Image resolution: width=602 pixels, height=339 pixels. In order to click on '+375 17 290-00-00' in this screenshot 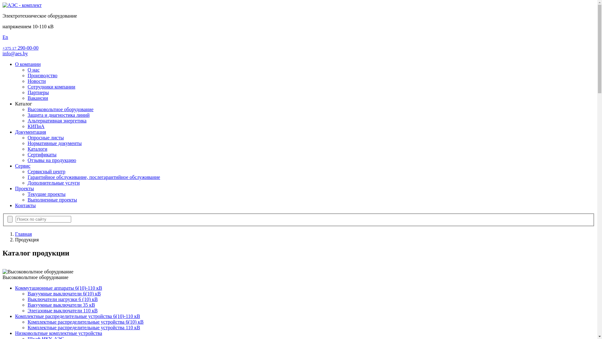, I will do `click(20, 47)`.